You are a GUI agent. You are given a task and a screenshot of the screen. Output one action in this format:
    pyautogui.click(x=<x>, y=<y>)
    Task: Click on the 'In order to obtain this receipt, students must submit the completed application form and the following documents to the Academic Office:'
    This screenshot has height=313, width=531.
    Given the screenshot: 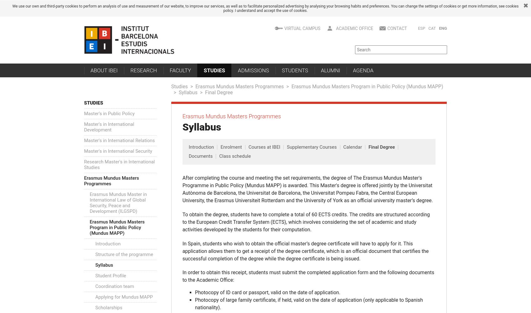 What is the action you would take?
    pyautogui.click(x=182, y=276)
    